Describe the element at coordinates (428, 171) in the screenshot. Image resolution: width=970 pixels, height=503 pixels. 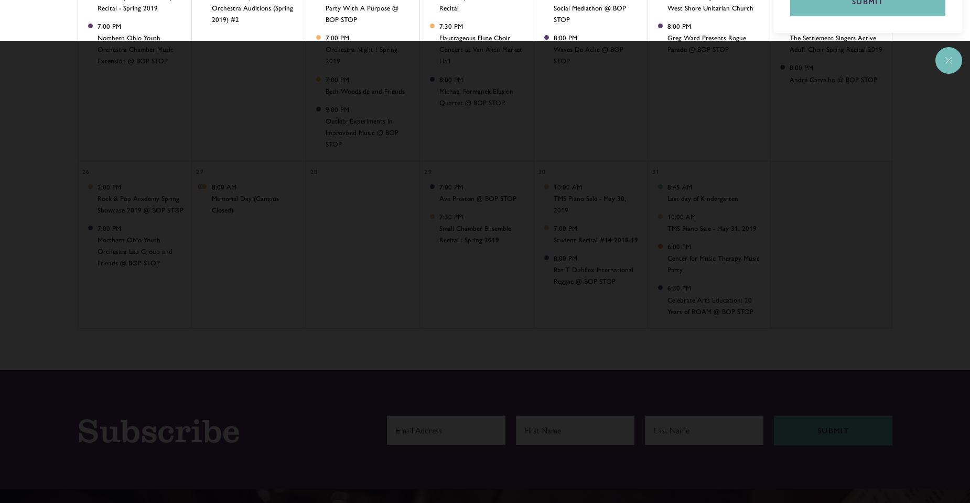
I see `'29'` at that location.